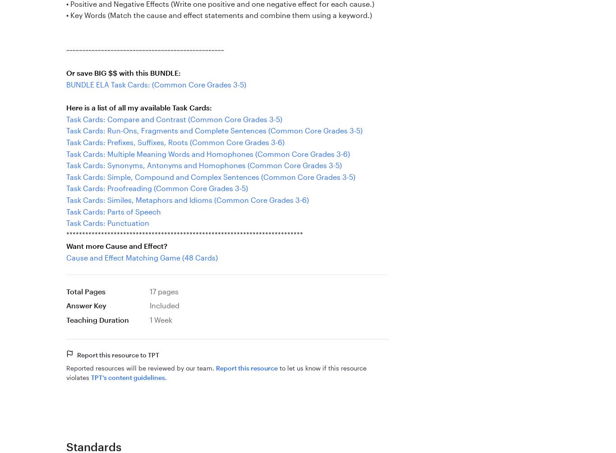 This screenshot has width=616, height=453. What do you see at coordinates (128, 377) in the screenshot?
I see `'TPT’s content guidelines'` at bounding box center [128, 377].